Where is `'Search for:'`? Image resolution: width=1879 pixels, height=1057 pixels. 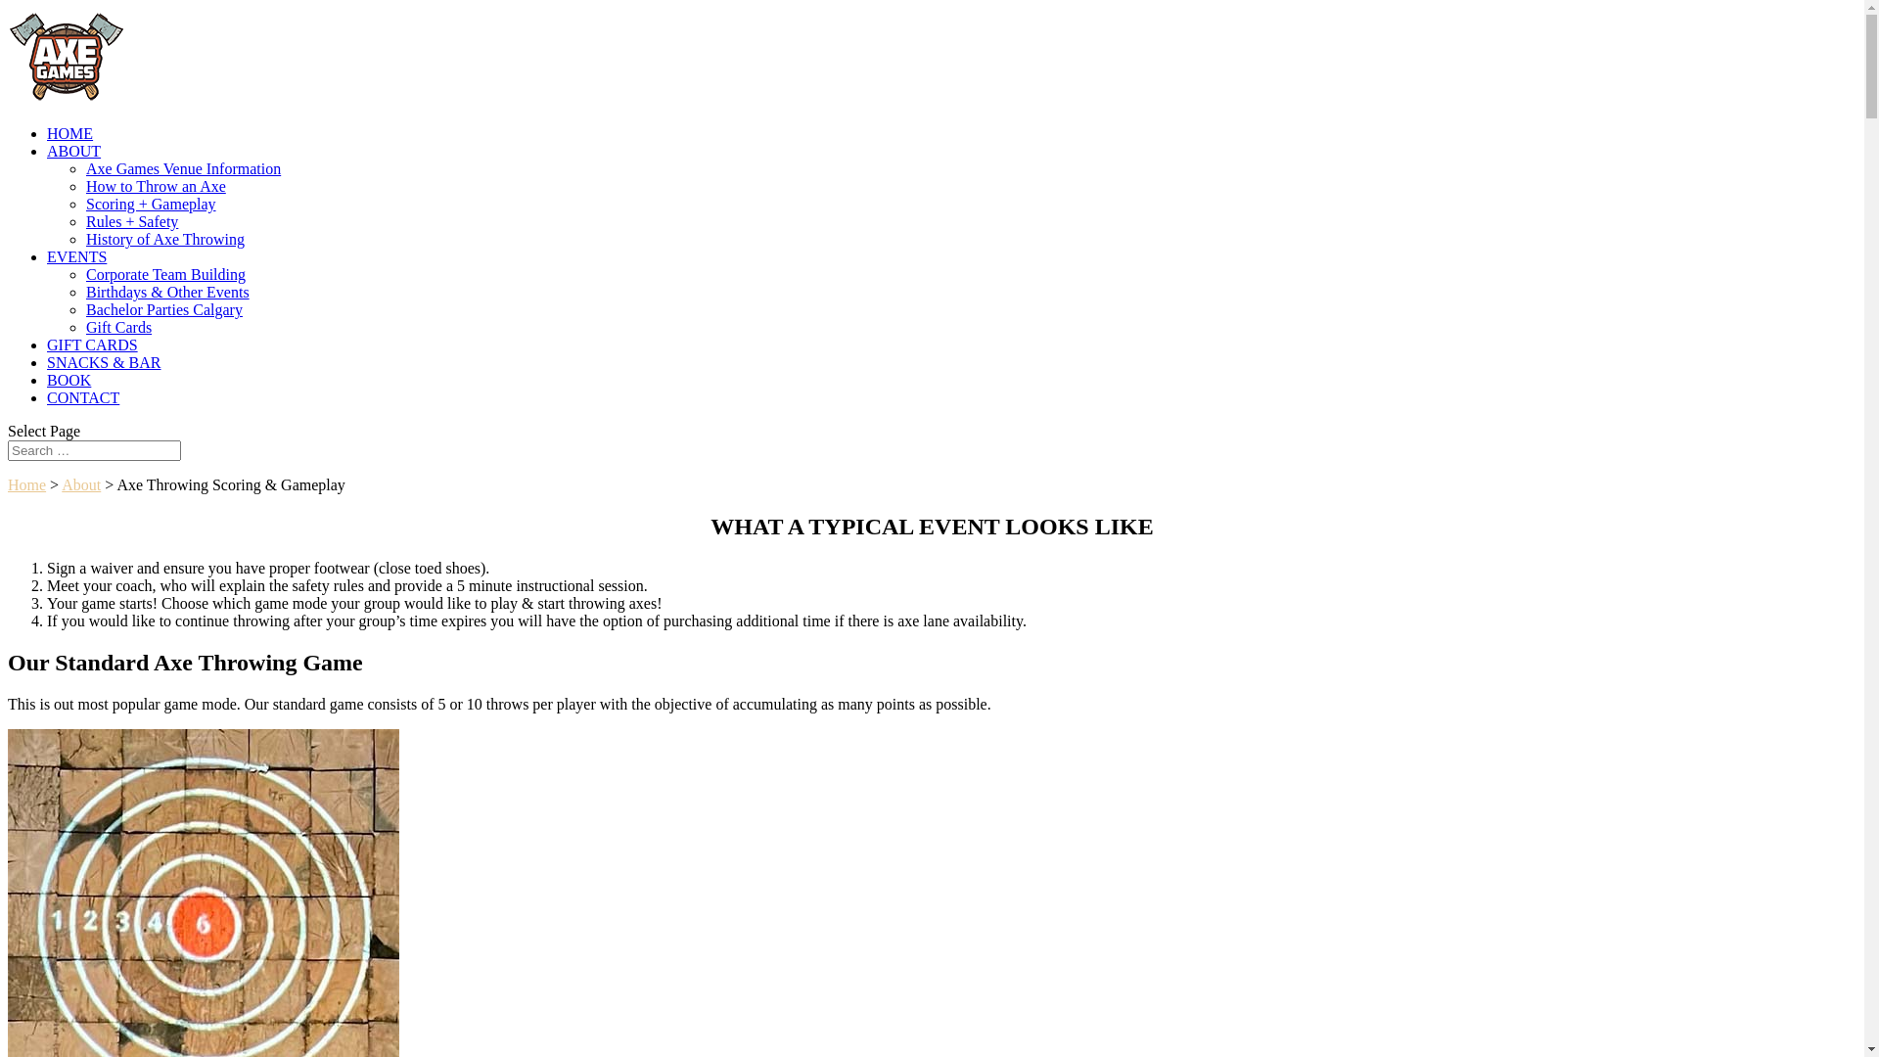 'Search for:' is located at coordinates (93, 450).